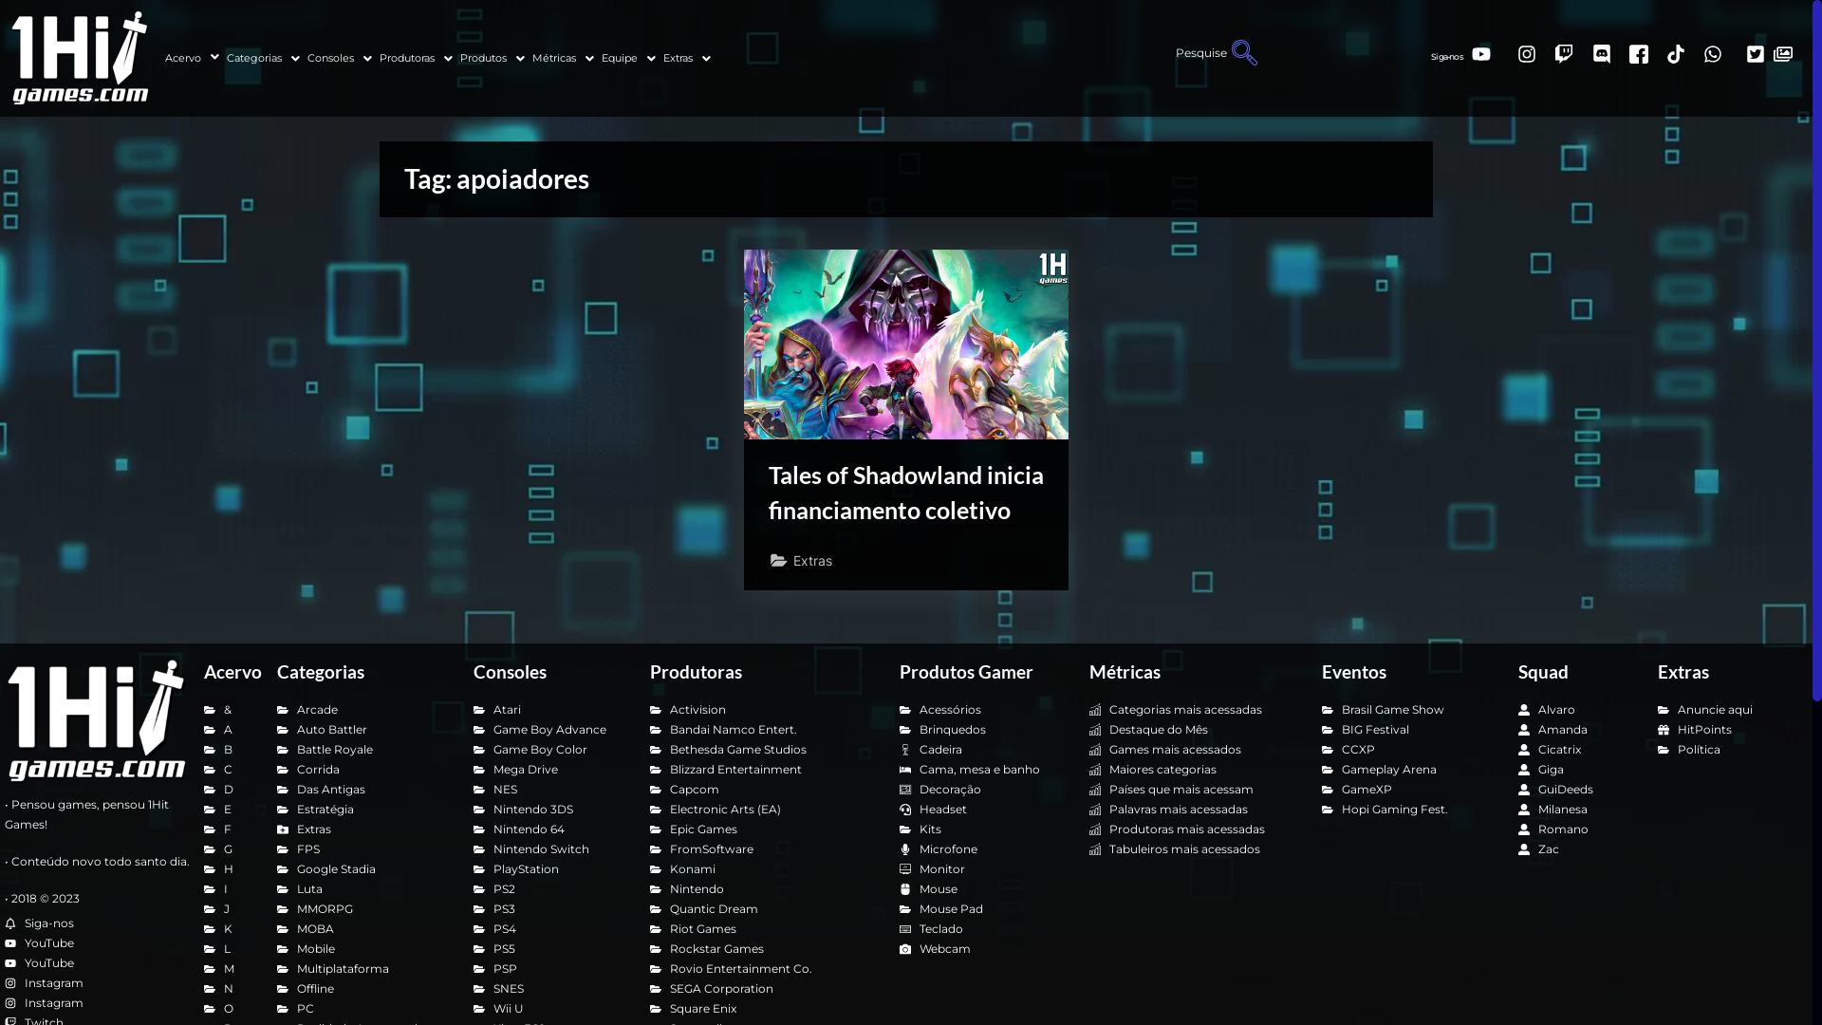  I want to click on 'Mobile', so click(365, 948).